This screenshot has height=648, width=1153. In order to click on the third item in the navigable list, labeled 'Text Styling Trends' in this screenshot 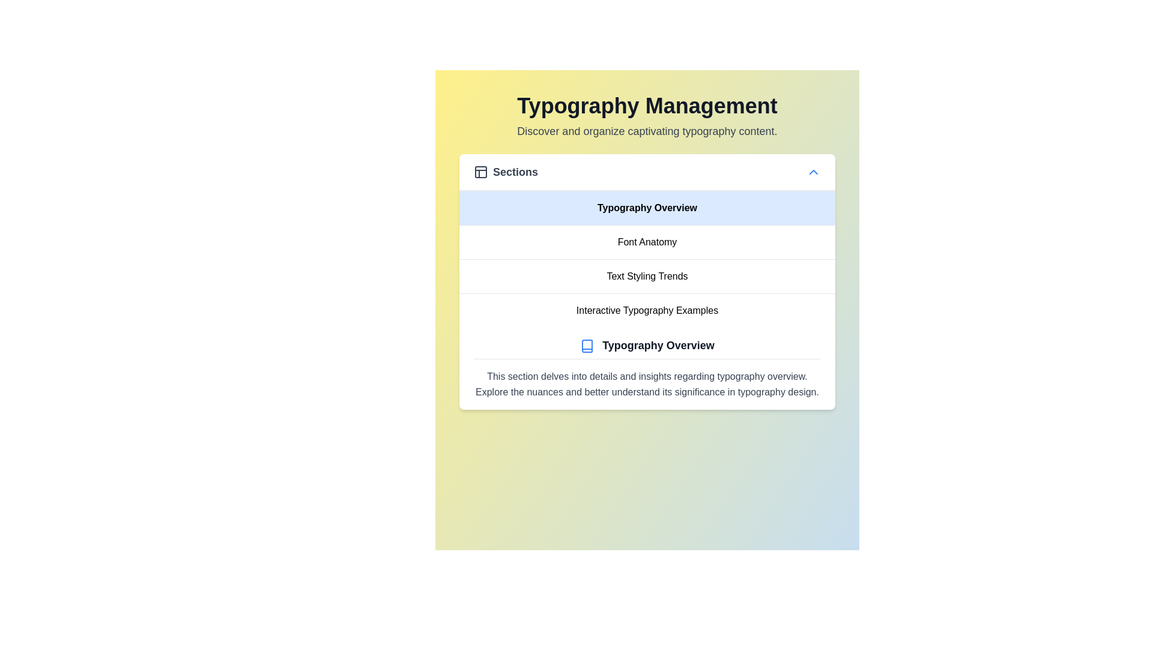, I will do `click(647, 259)`.